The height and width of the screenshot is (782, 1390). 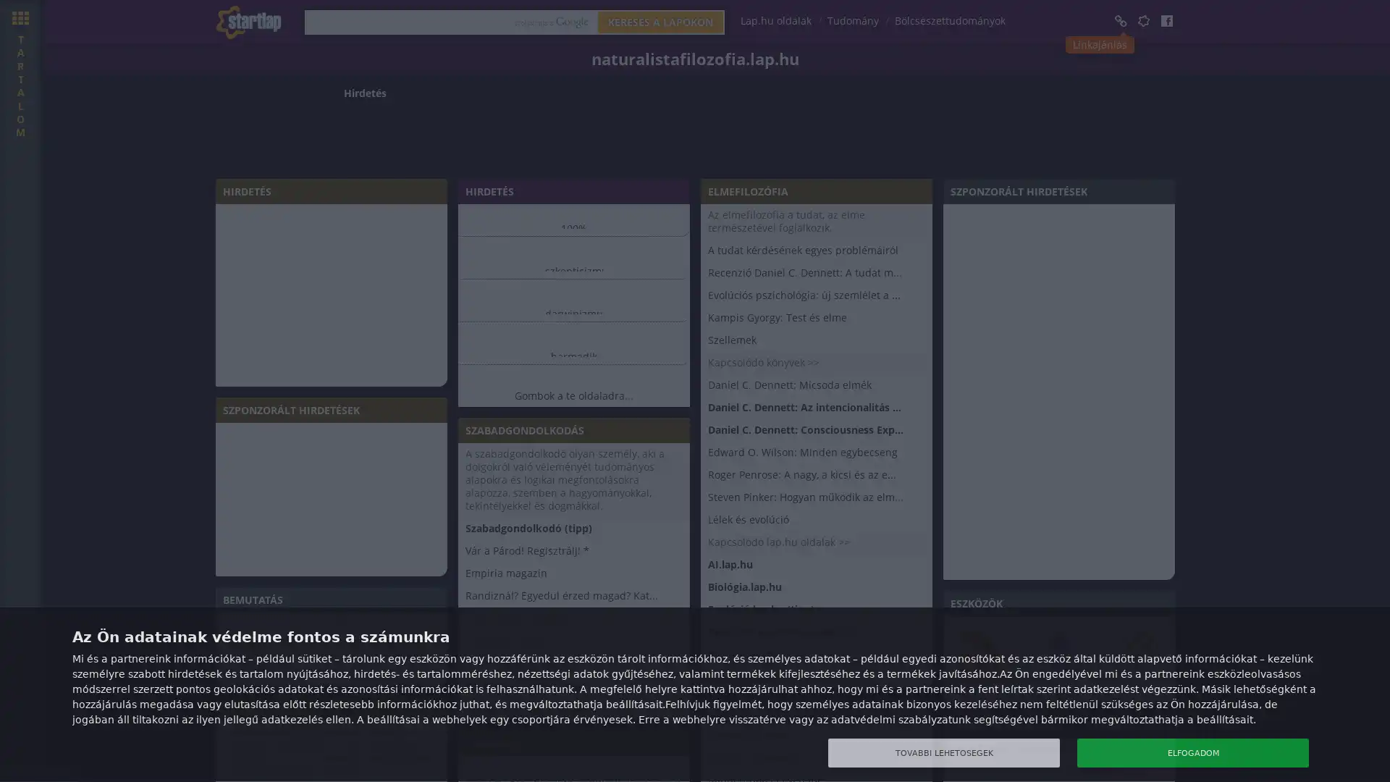 I want to click on ELFOGADOM, so click(x=1192, y=752).